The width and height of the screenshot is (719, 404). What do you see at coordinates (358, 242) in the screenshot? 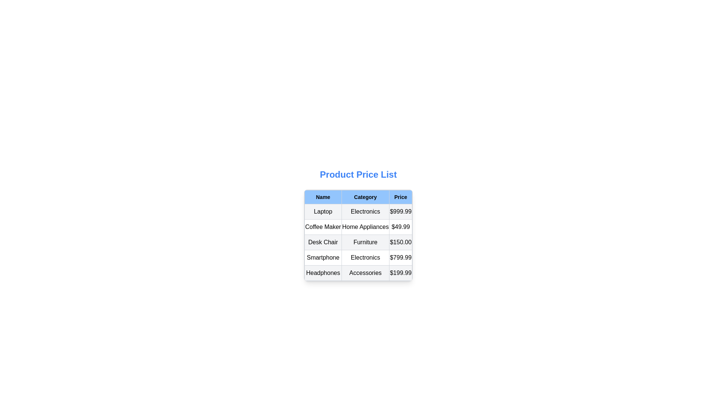
I see `the third row of the table displaying information about the 'Desk Chair' under 'Furniture' with a price of '$150.00'` at bounding box center [358, 242].